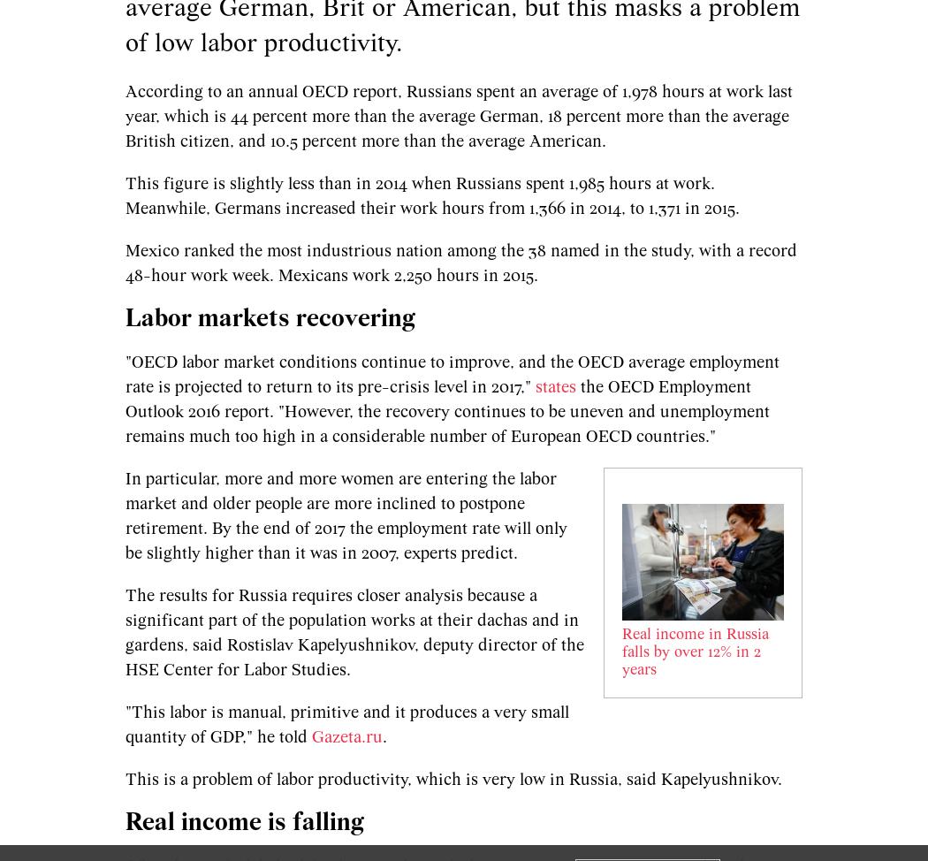  I want to click on 'Labor markets recovering', so click(273, 318).